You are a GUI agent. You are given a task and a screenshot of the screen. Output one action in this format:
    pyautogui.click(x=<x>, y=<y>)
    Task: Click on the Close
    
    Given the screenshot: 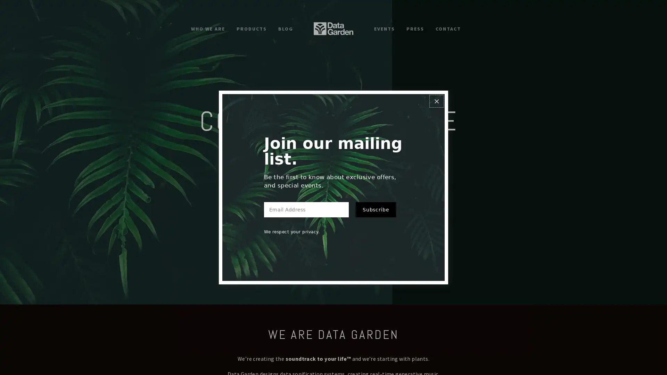 What is the action you would take?
    pyautogui.click(x=436, y=96)
    